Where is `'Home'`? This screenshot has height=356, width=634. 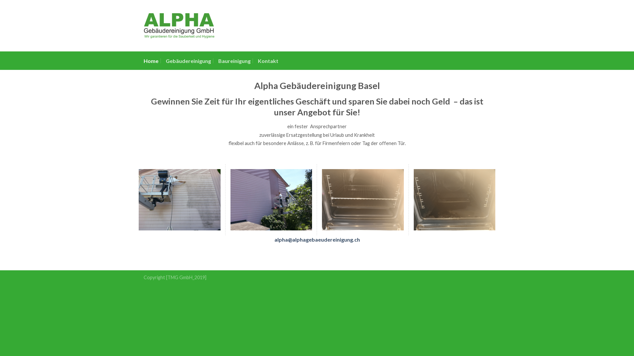 'Home' is located at coordinates (151, 60).